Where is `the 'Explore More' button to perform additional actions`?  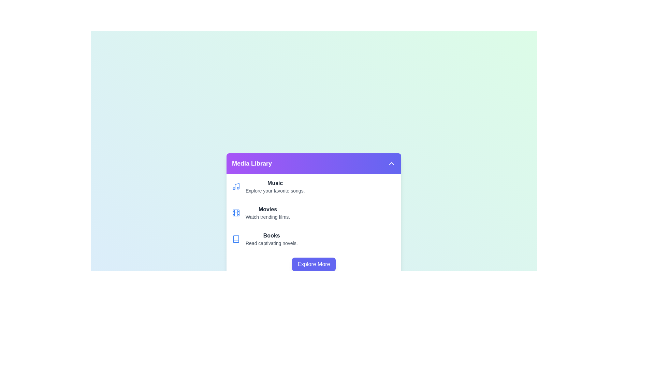 the 'Explore More' button to perform additional actions is located at coordinates (314, 264).